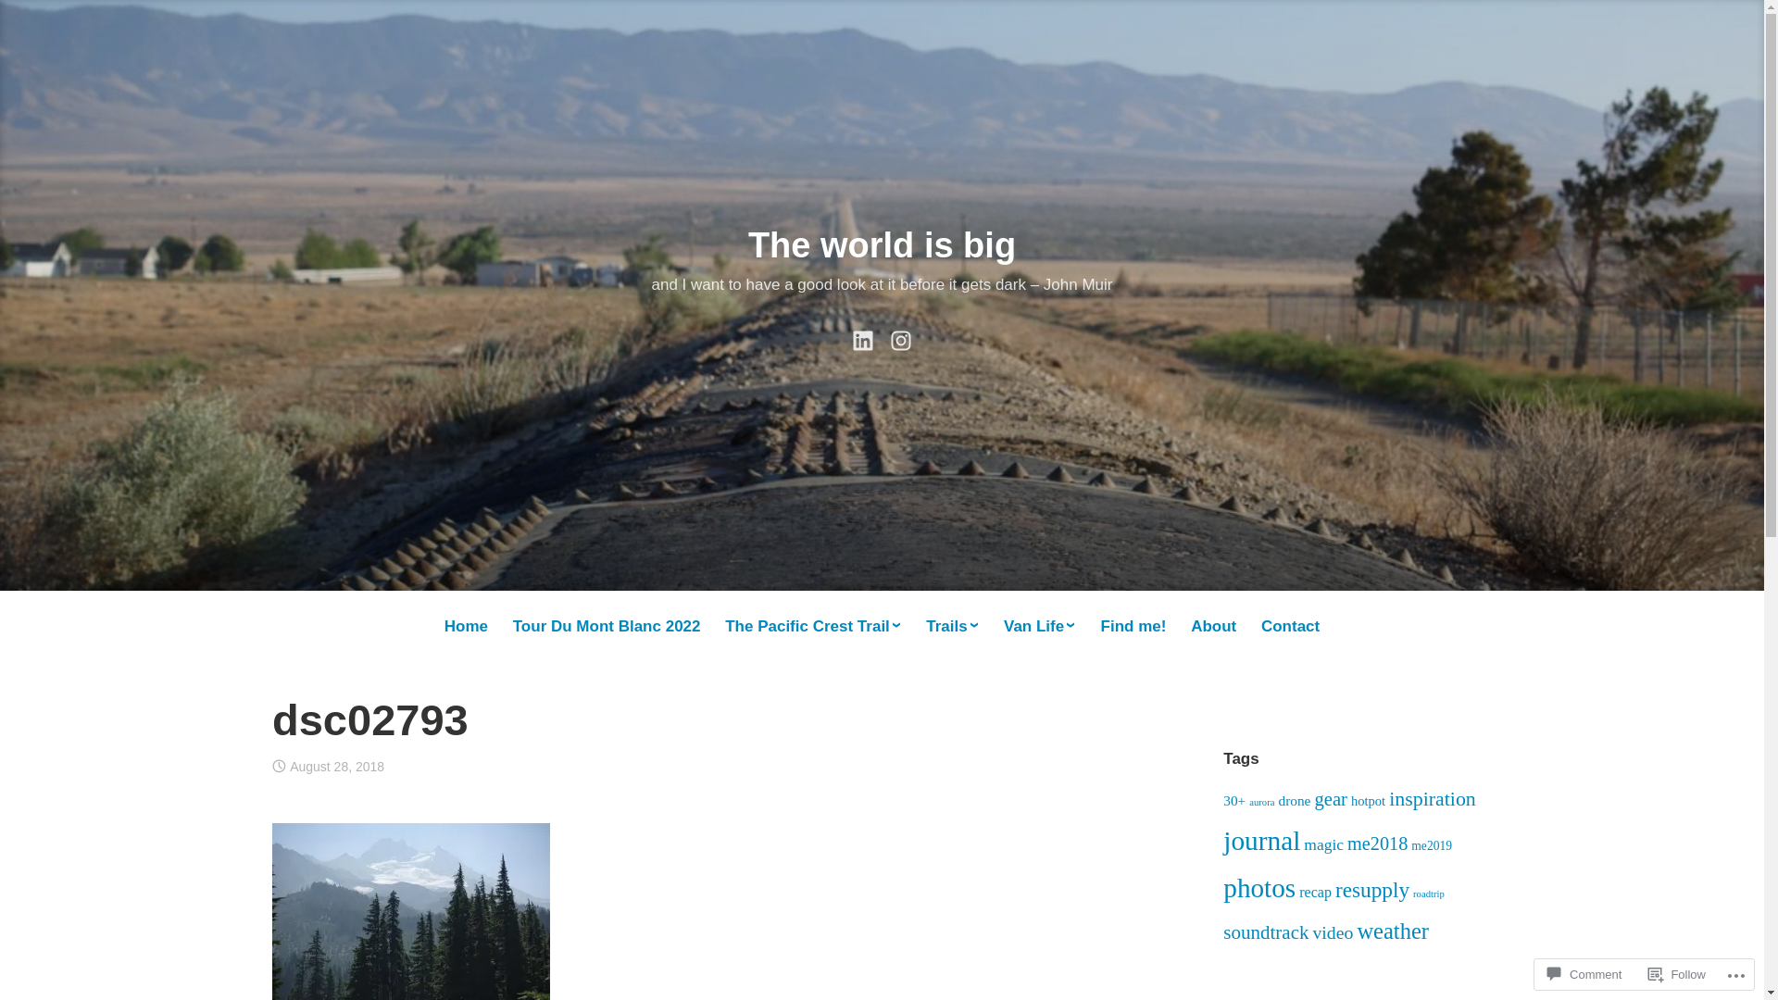 Image resolution: width=1778 pixels, height=1000 pixels. What do you see at coordinates (1332, 931) in the screenshot?
I see `'video'` at bounding box center [1332, 931].